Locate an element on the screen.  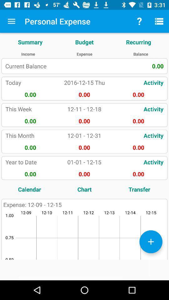
adiction is located at coordinates (151, 241).